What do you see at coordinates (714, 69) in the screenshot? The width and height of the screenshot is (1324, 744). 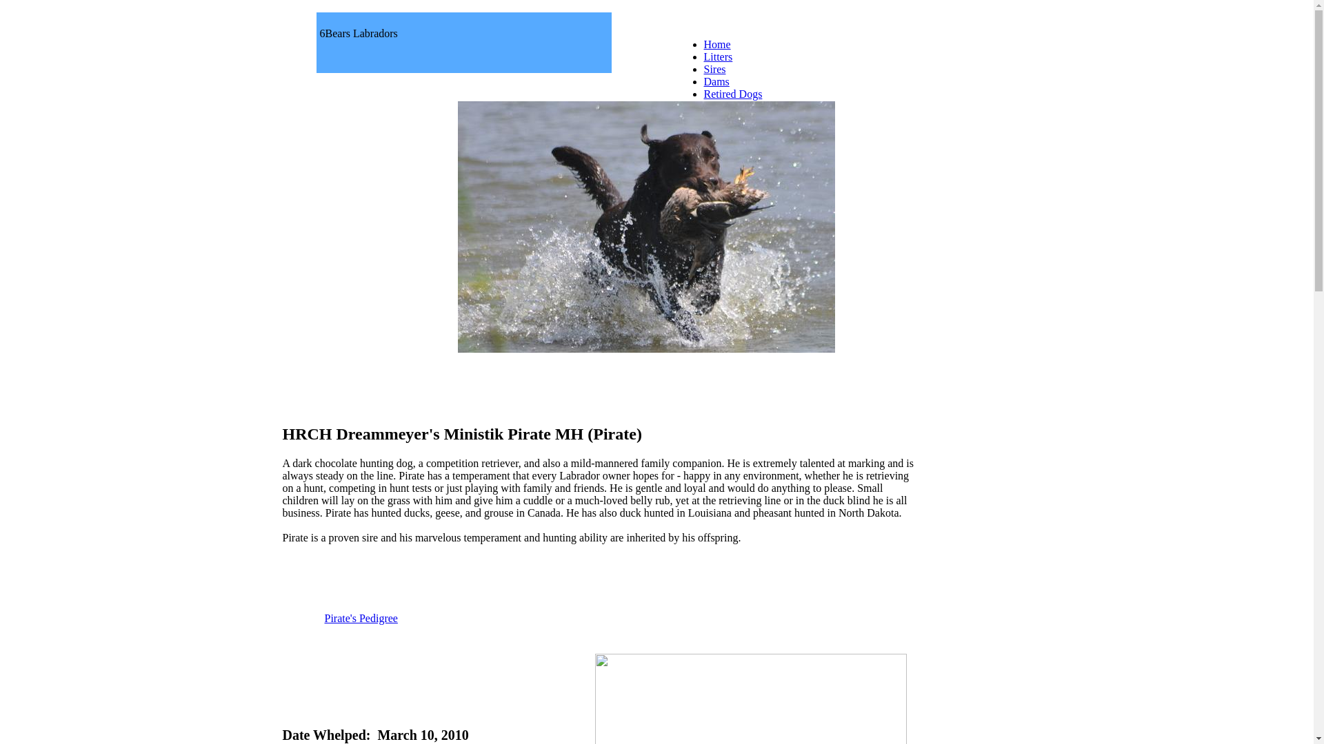 I see `'Sires'` at bounding box center [714, 69].